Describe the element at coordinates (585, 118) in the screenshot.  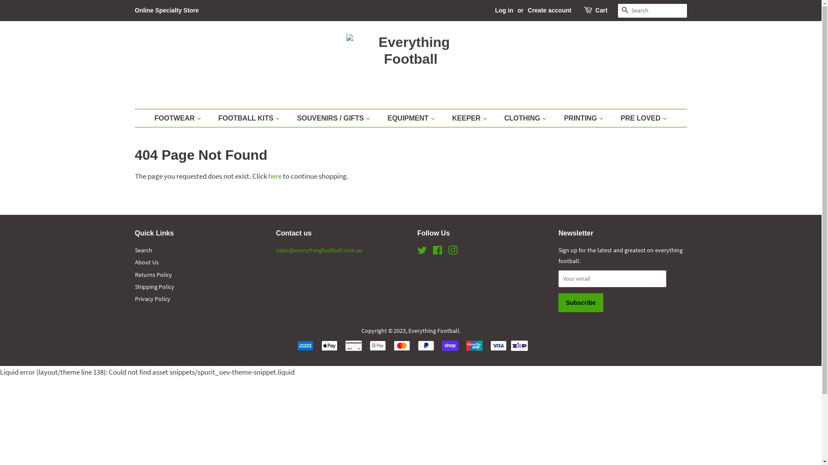
I see `'PRINTING'` at that location.